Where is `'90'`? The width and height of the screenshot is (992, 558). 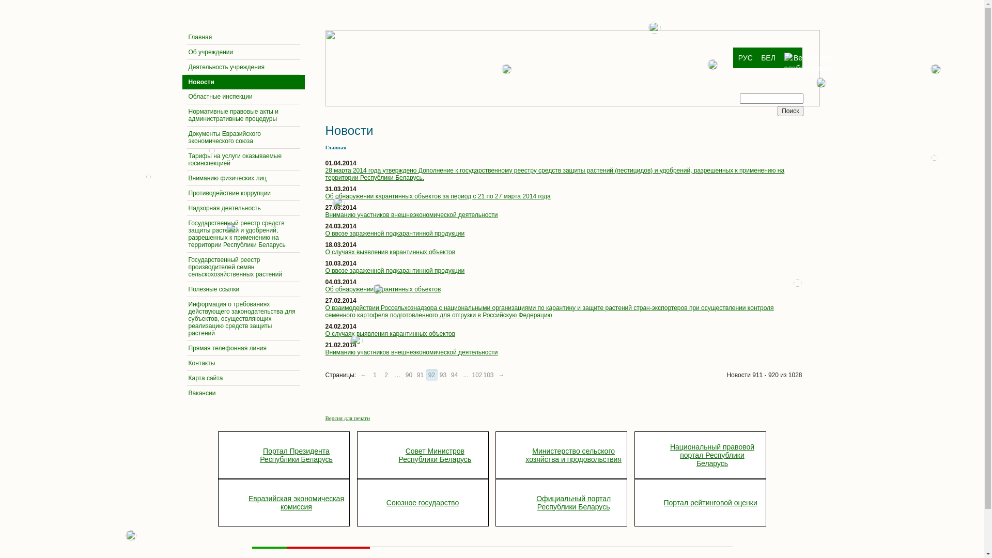
'90' is located at coordinates (409, 375).